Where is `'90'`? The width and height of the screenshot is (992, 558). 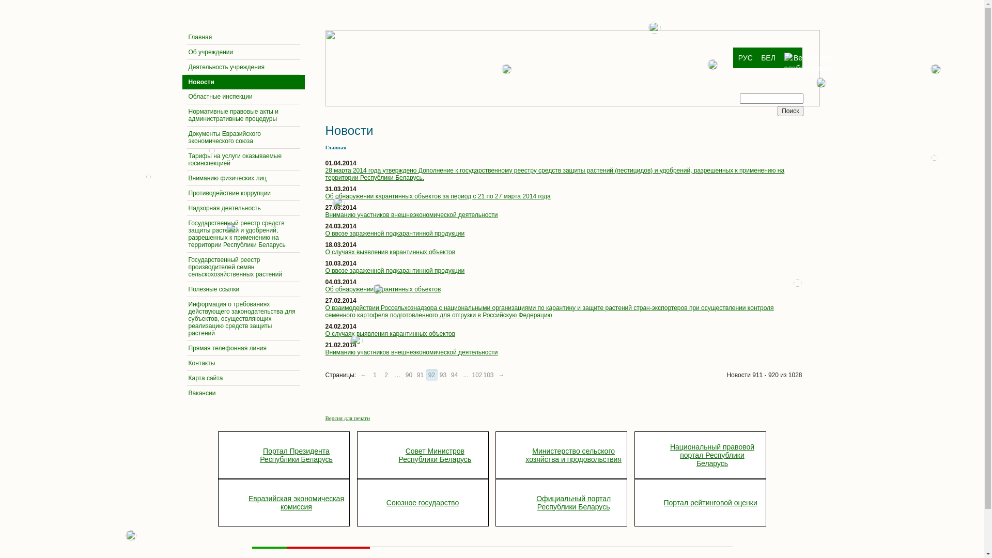
'90' is located at coordinates (409, 375).